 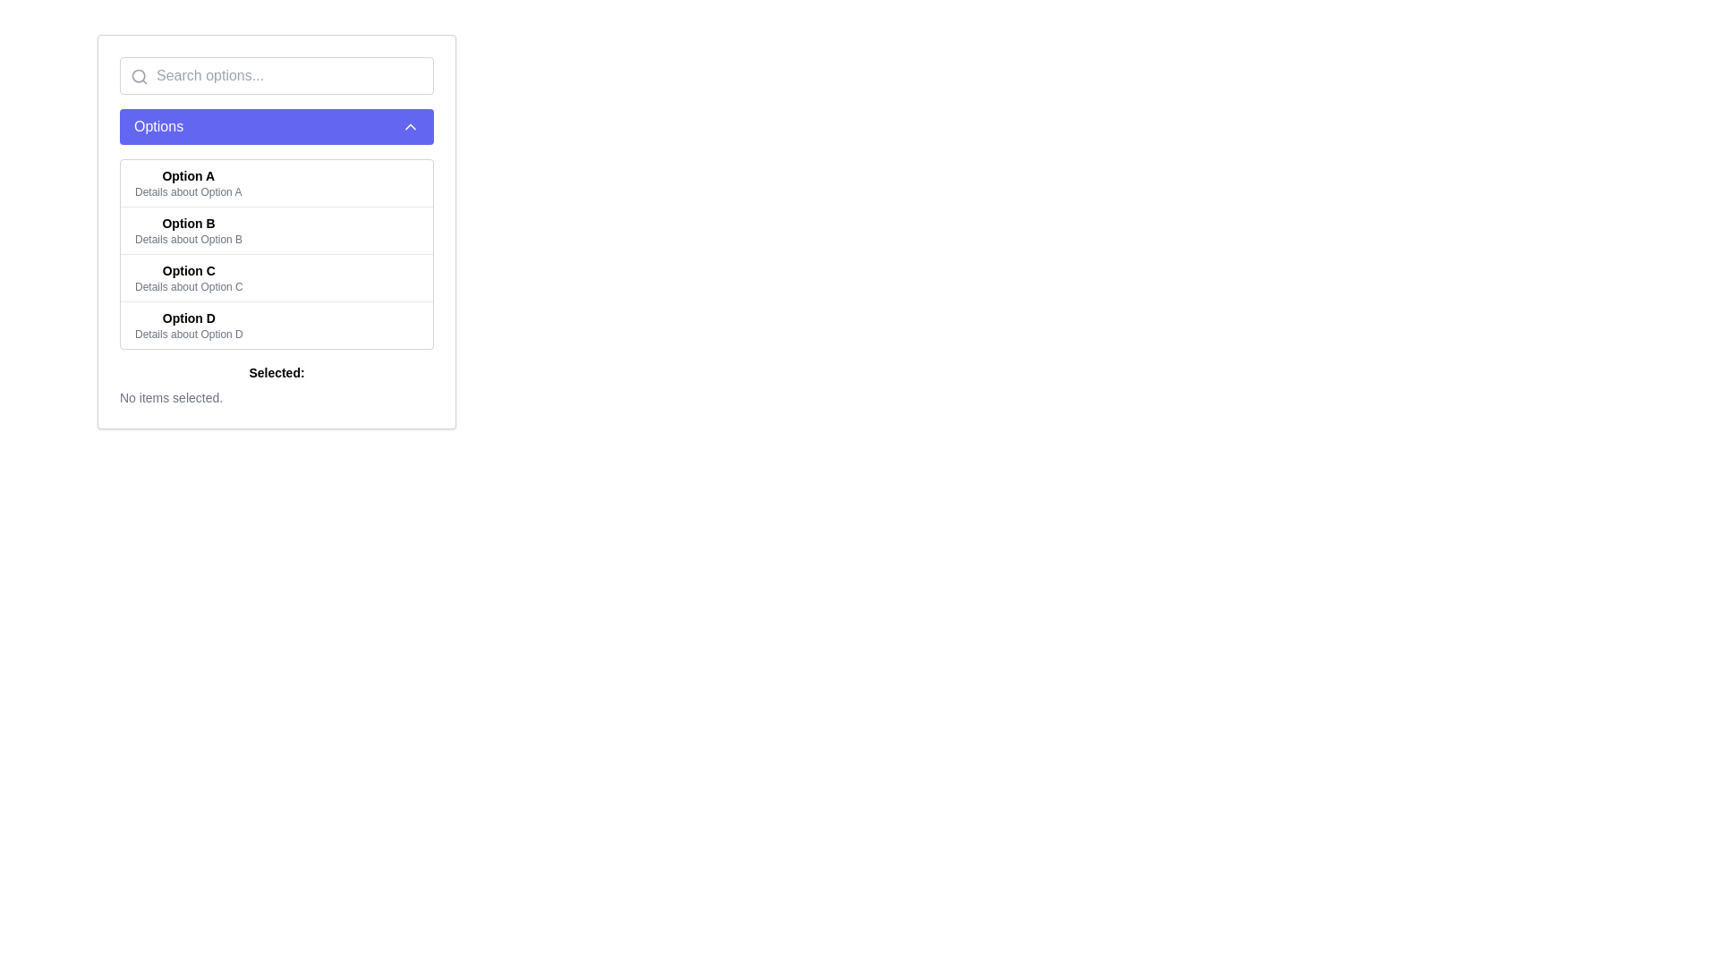 I want to click on the interactive list item labeled 'Option C' within the dropdown menu, so click(x=276, y=277).